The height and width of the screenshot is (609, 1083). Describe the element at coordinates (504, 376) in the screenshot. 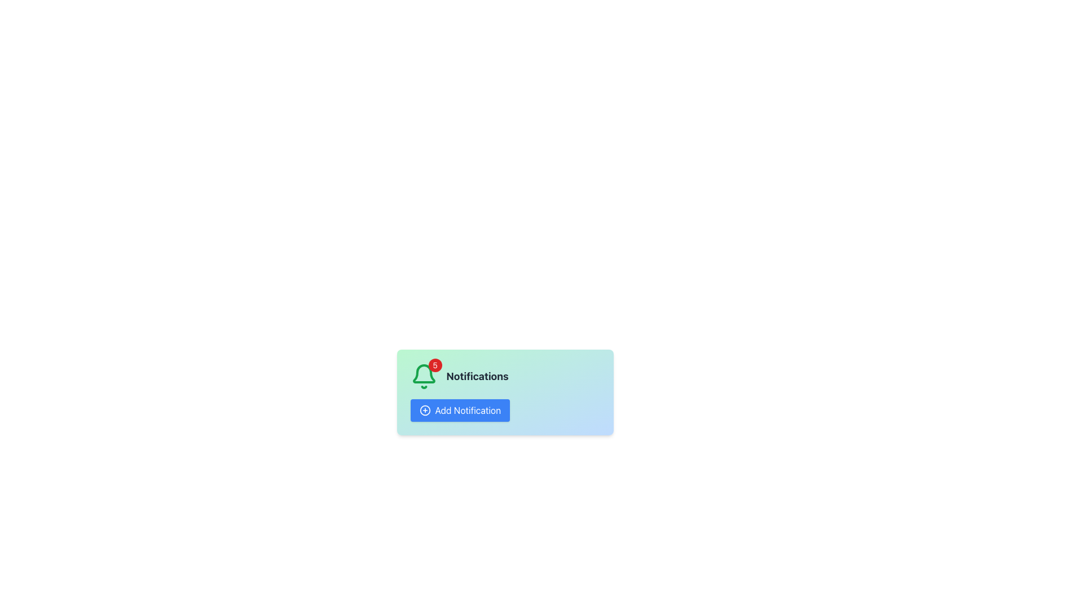

I see `the 'Notifications' text in the Notification summary display` at that location.